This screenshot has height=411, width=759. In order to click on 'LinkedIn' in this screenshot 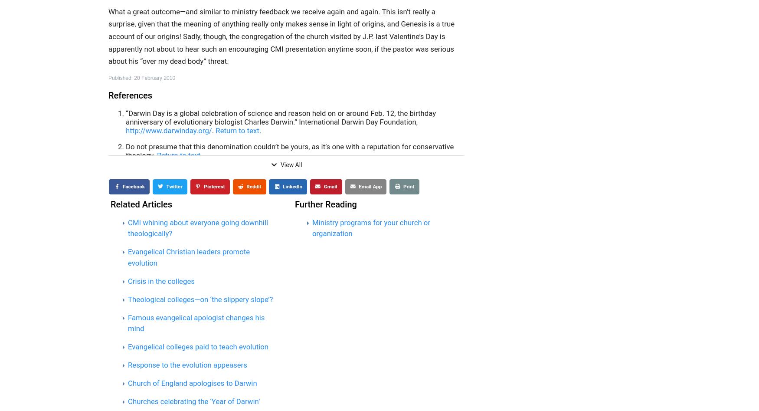, I will do `click(291, 187)`.